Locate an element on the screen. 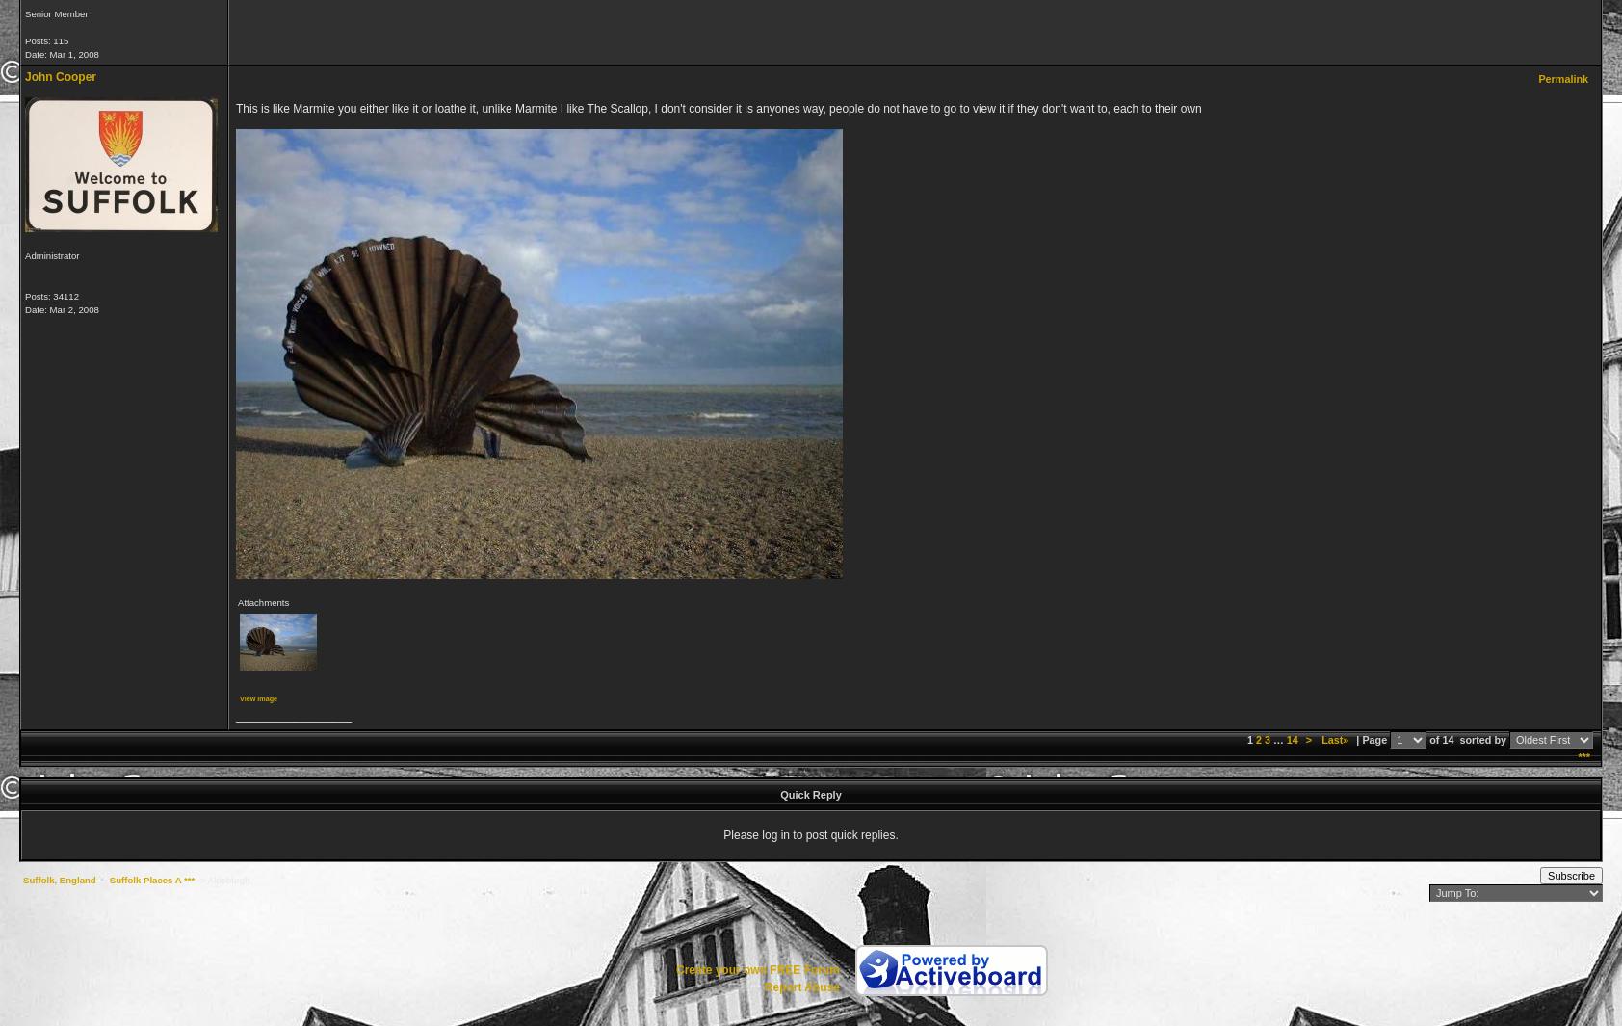  'John Cooper' is located at coordinates (59, 75).